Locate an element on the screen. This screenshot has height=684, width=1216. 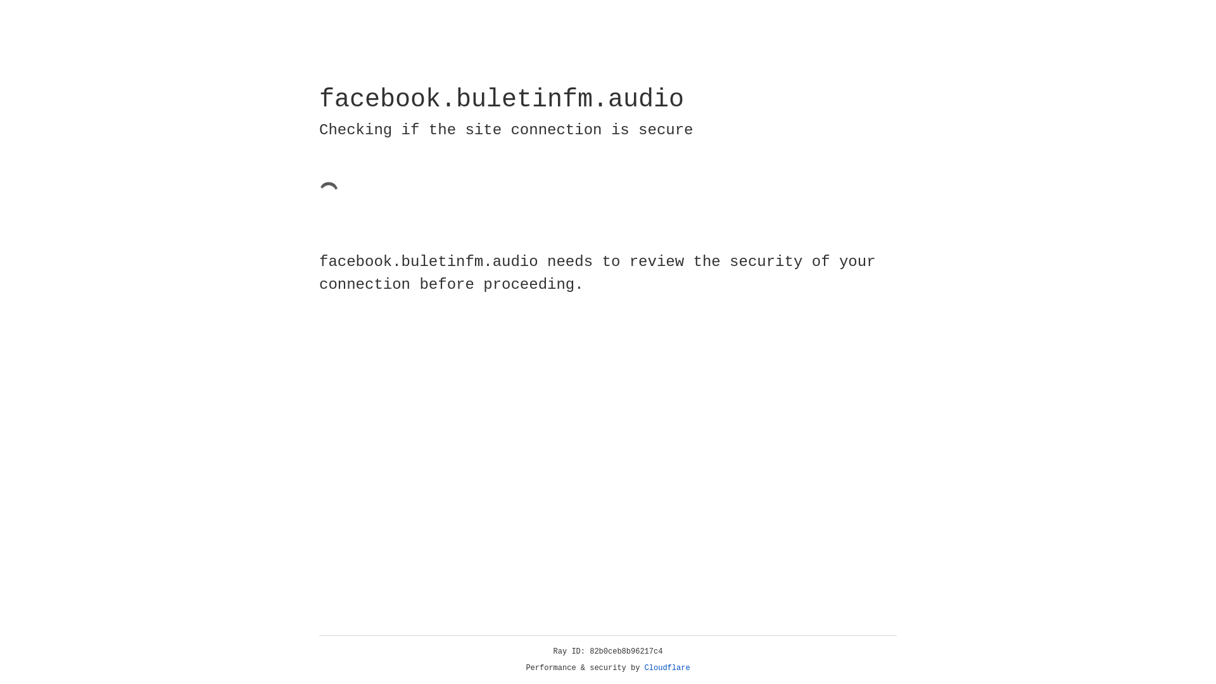
'Cloudflare' is located at coordinates (644, 668).